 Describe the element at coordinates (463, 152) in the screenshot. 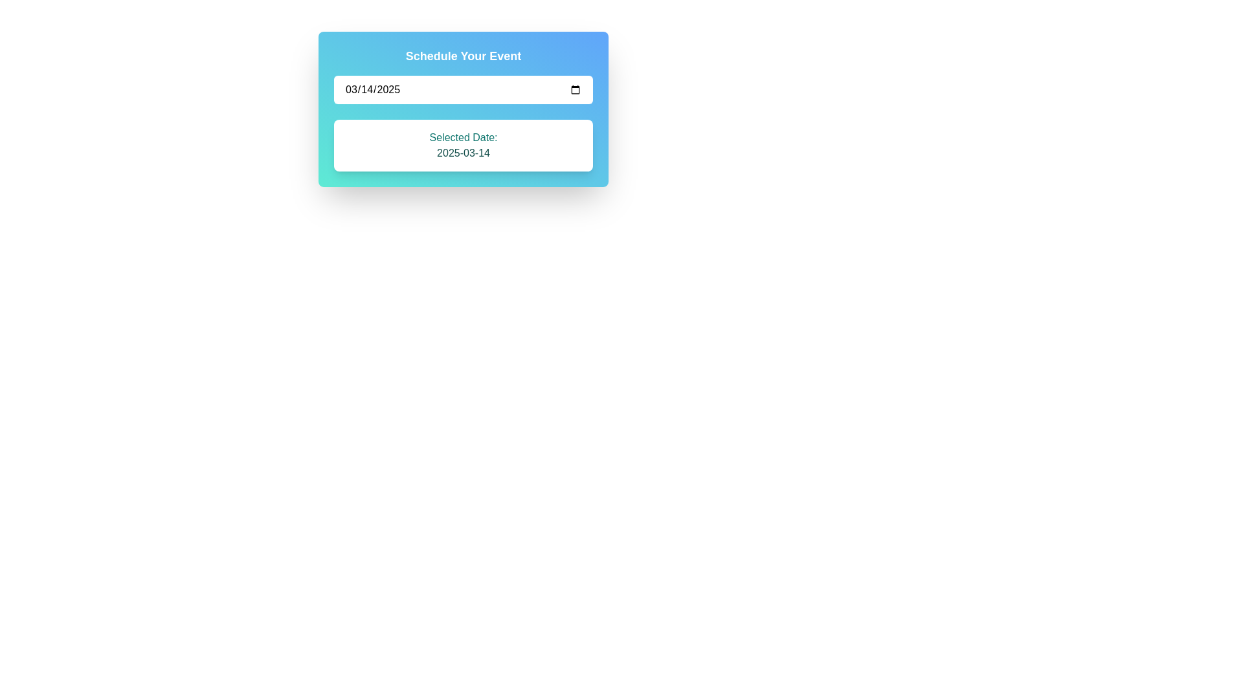

I see `the Text Display showing '2025-03-14' in teal color, located below the label 'Selected Date:' in a modern interface` at that location.